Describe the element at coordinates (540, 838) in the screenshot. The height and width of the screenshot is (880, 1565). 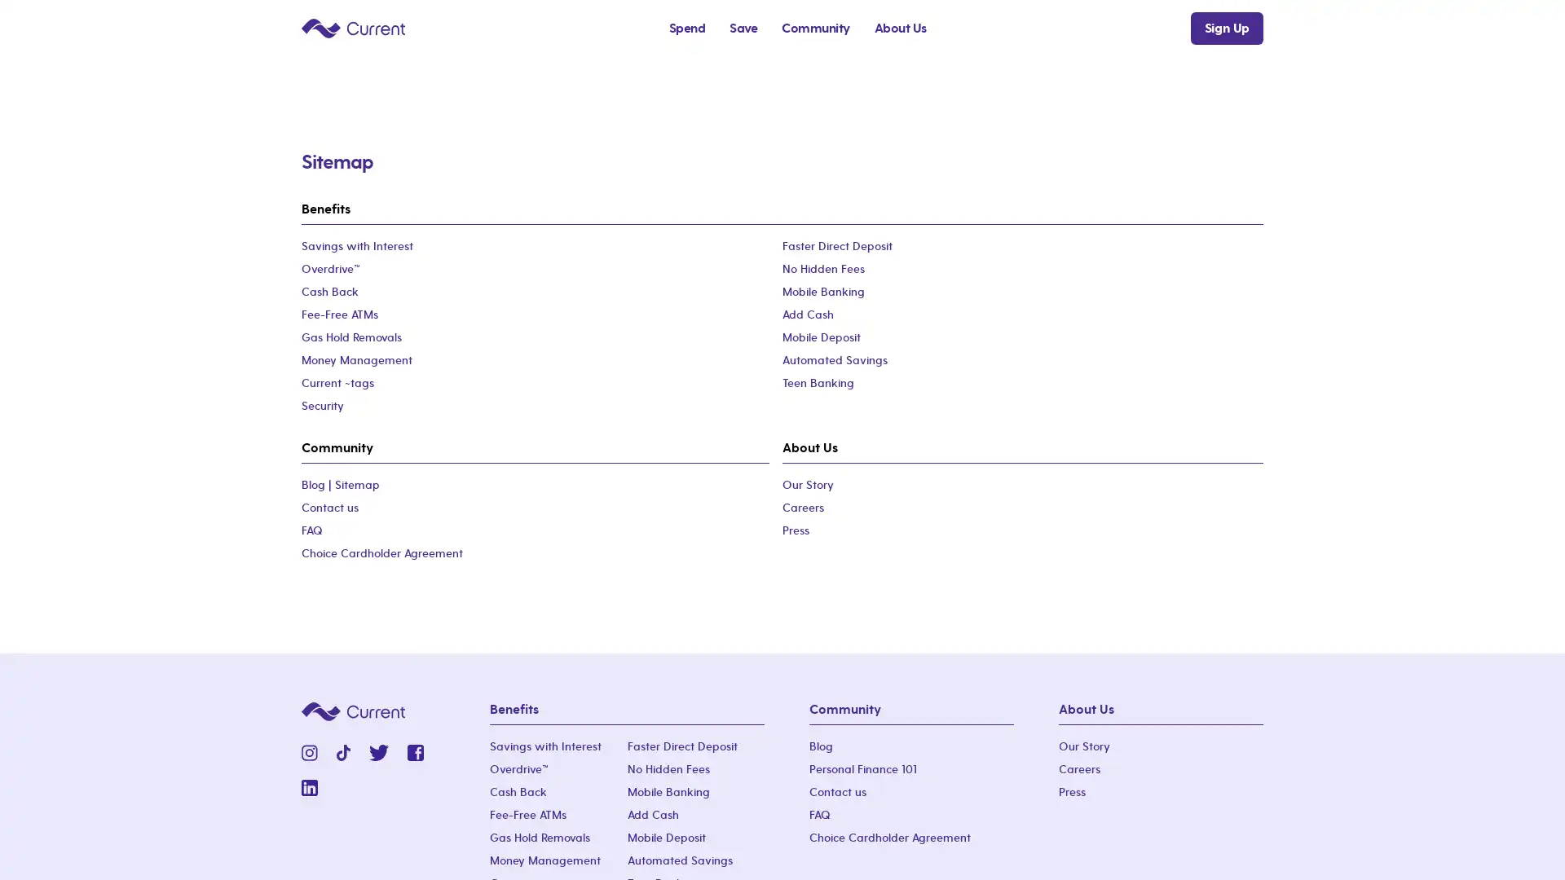
I see `Gas Hold Removals` at that location.